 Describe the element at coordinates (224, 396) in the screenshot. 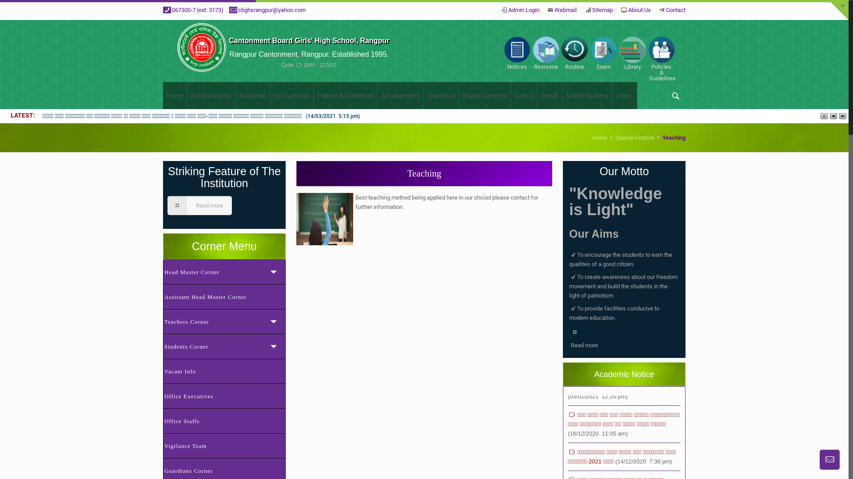

I see `'Office Executives'` at that location.